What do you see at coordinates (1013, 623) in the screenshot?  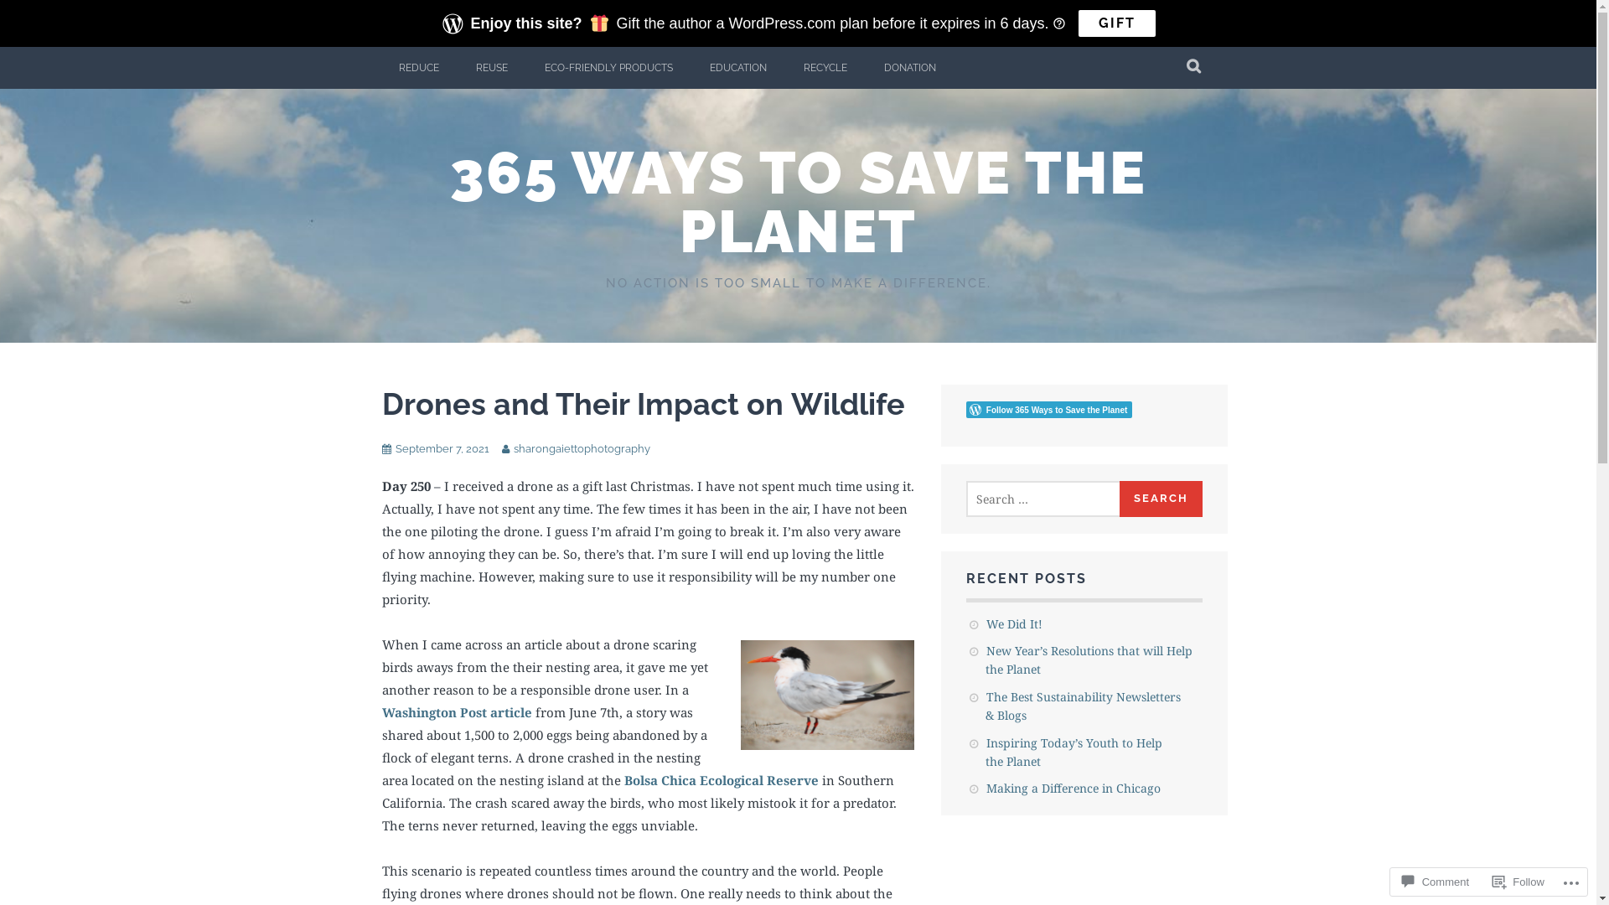 I see `'We Did It!'` at bounding box center [1013, 623].